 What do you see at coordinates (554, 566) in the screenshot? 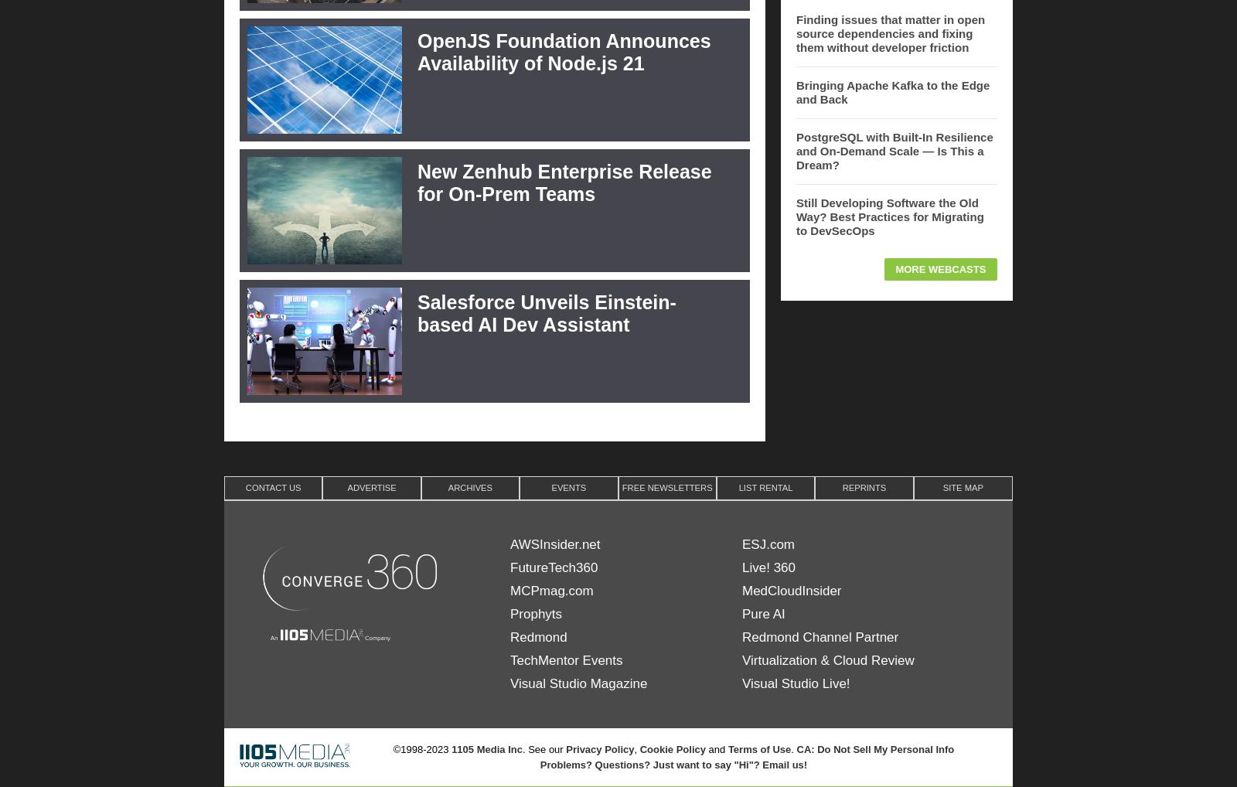
I see `'FutureTech360'` at bounding box center [554, 566].